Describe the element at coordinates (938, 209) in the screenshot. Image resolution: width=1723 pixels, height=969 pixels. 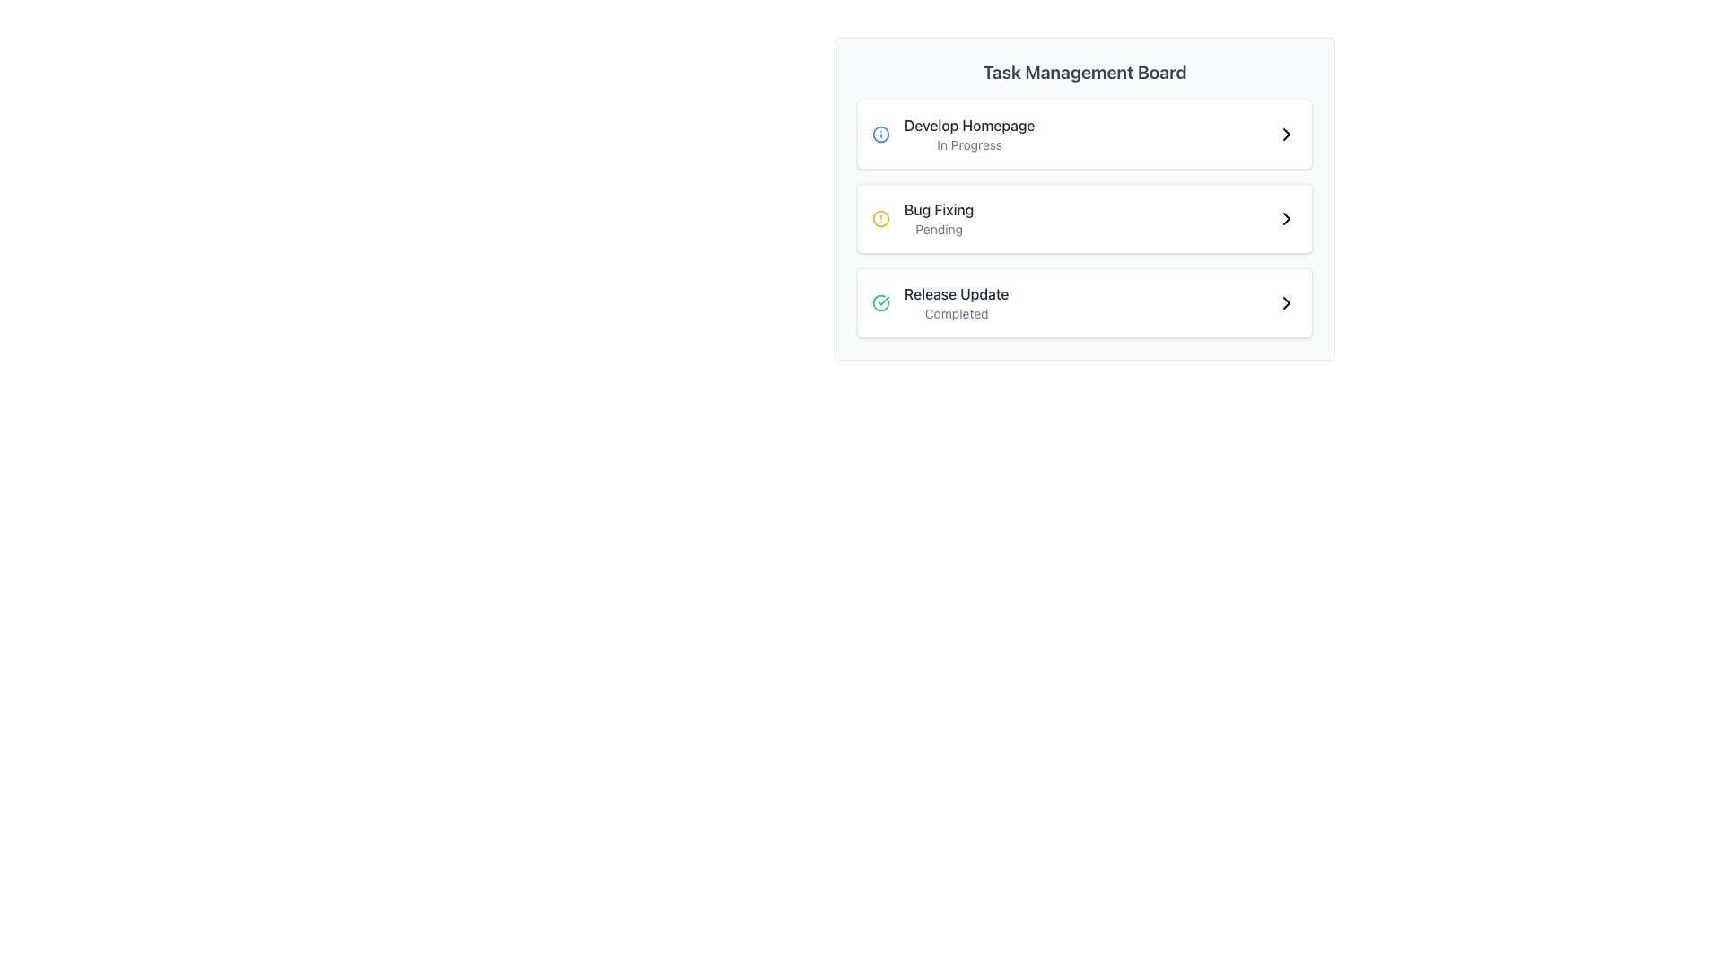
I see `the Text Label that serves as the title or identifier for the second task entry in the task management board interface, located above the subtitle 'Pending' and to the left of the arrow icon` at that location.